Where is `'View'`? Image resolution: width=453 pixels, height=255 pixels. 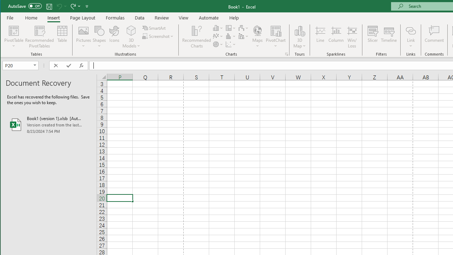
'View' is located at coordinates (184, 17).